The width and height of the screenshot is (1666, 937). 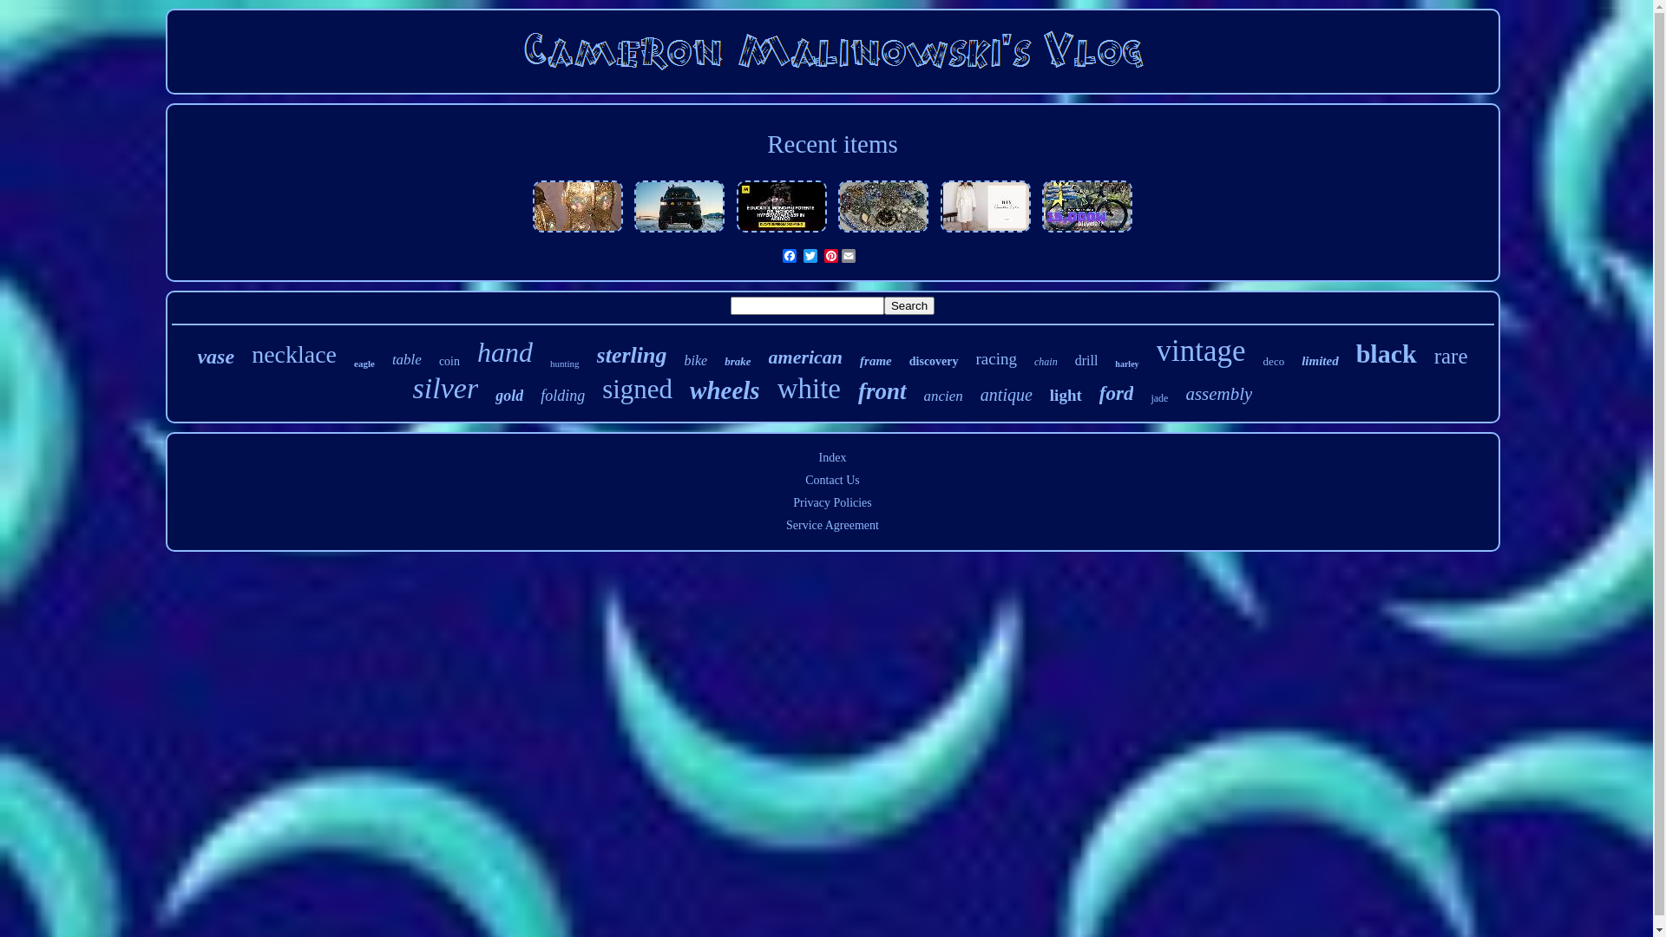 I want to click on 'frame', so click(x=859, y=360).